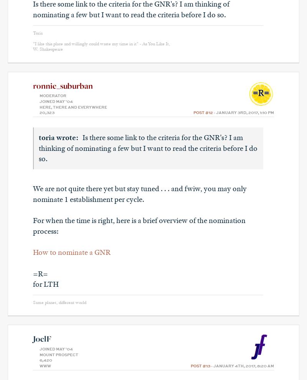 Image resolution: width=307 pixels, height=380 pixels. I want to click on 'Www', so click(45, 366).